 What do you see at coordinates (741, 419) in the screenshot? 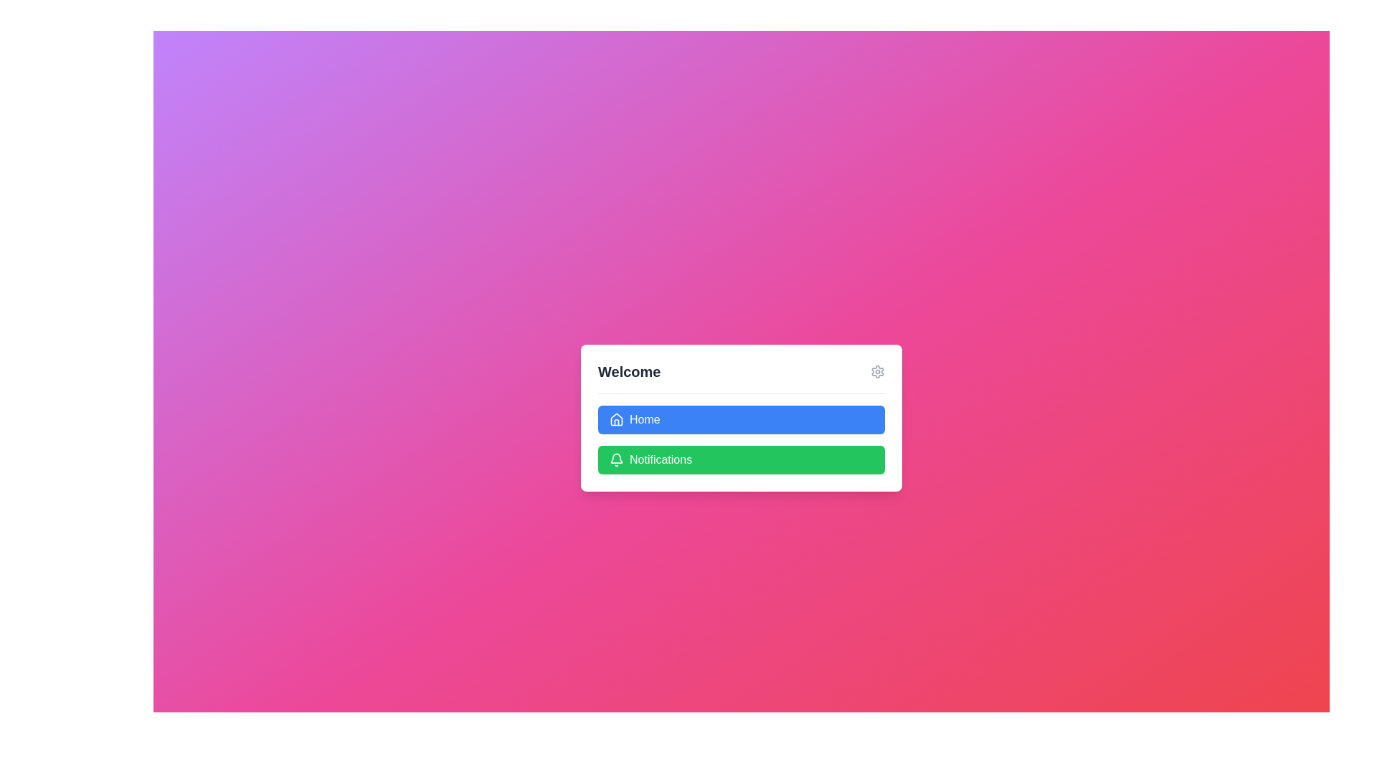
I see `the 'Home' navigation button, which is the first button in a vertical list and leads to the main page` at bounding box center [741, 419].